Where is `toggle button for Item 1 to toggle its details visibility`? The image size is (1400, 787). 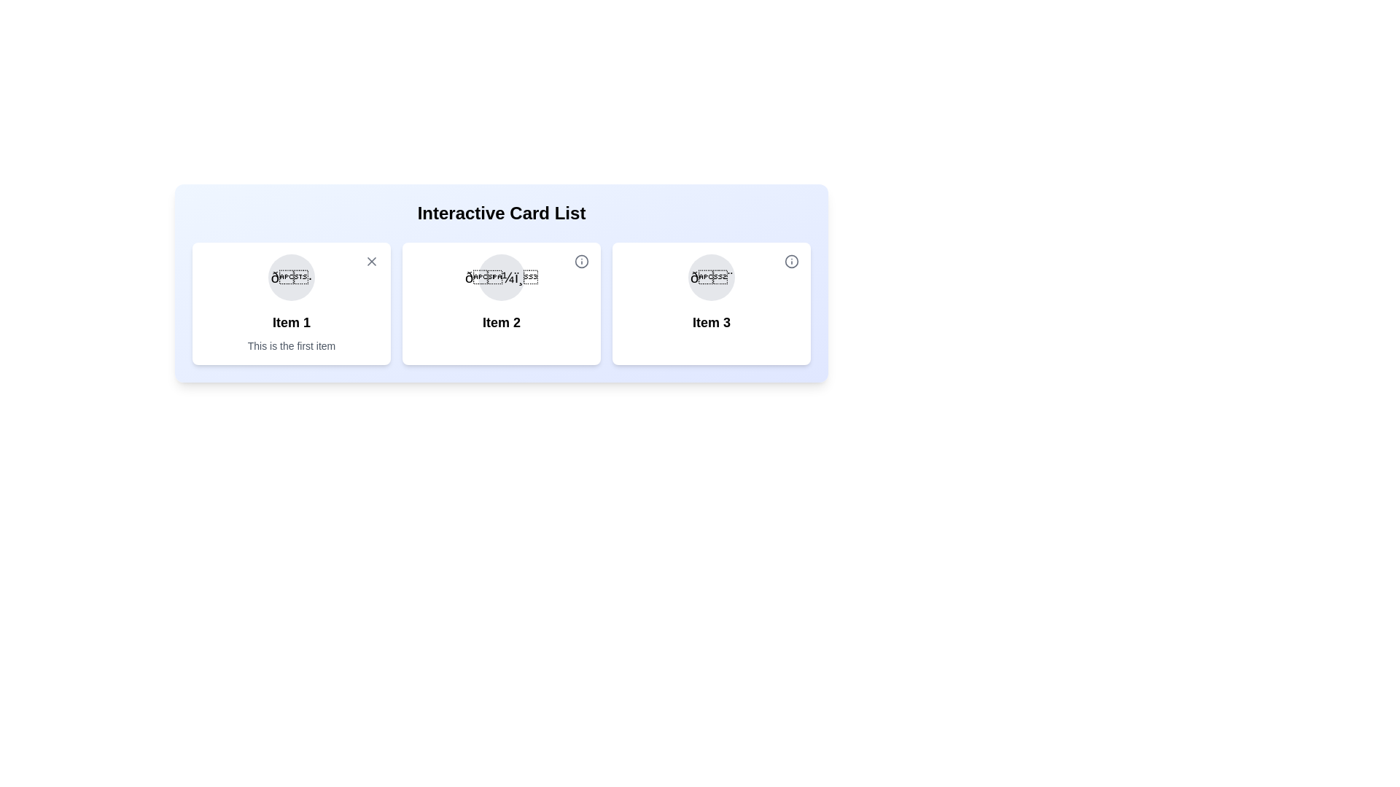
toggle button for Item 1 to toggle its details visibility is located at coordinates (371, 260).